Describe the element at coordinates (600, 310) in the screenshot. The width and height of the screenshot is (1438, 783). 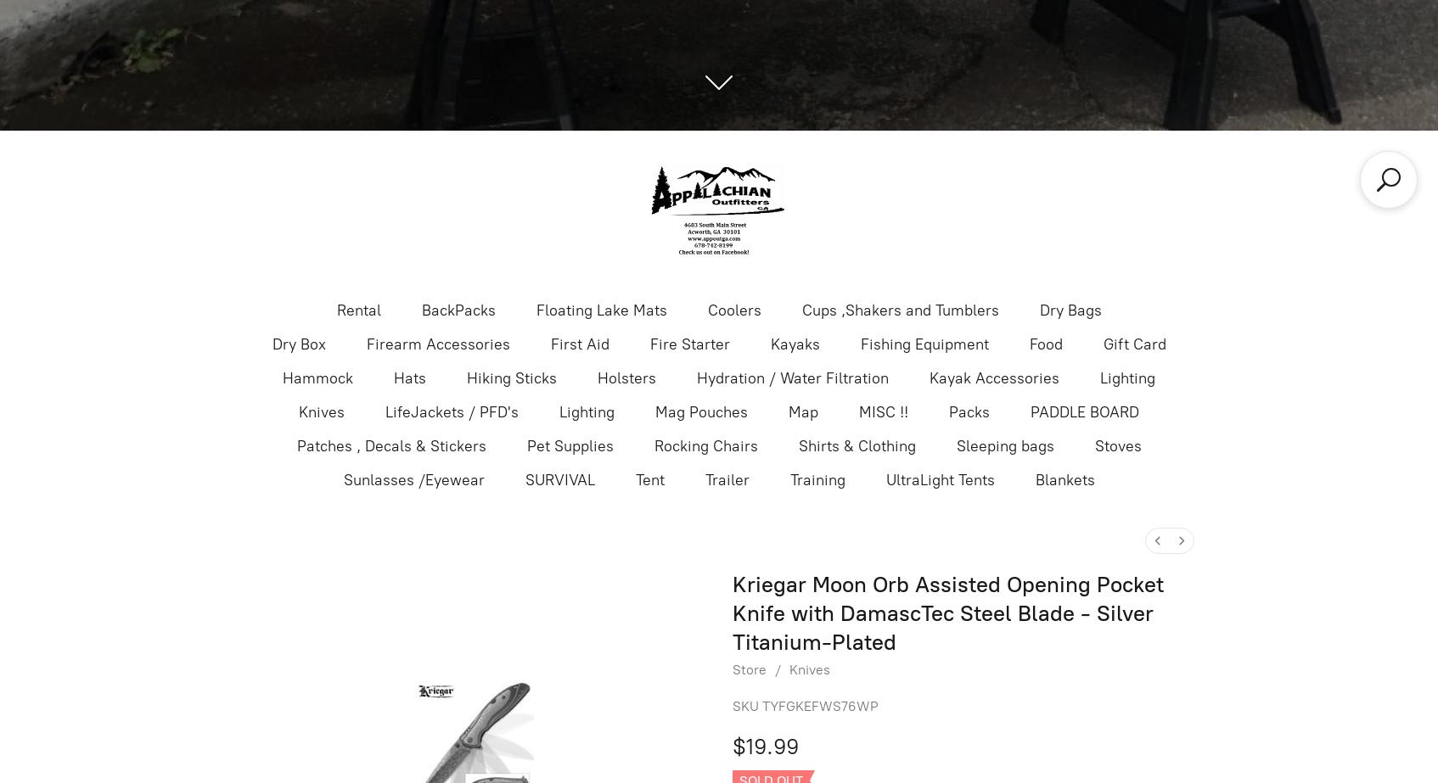
I see `'Floating Lake Mats'` at that location.